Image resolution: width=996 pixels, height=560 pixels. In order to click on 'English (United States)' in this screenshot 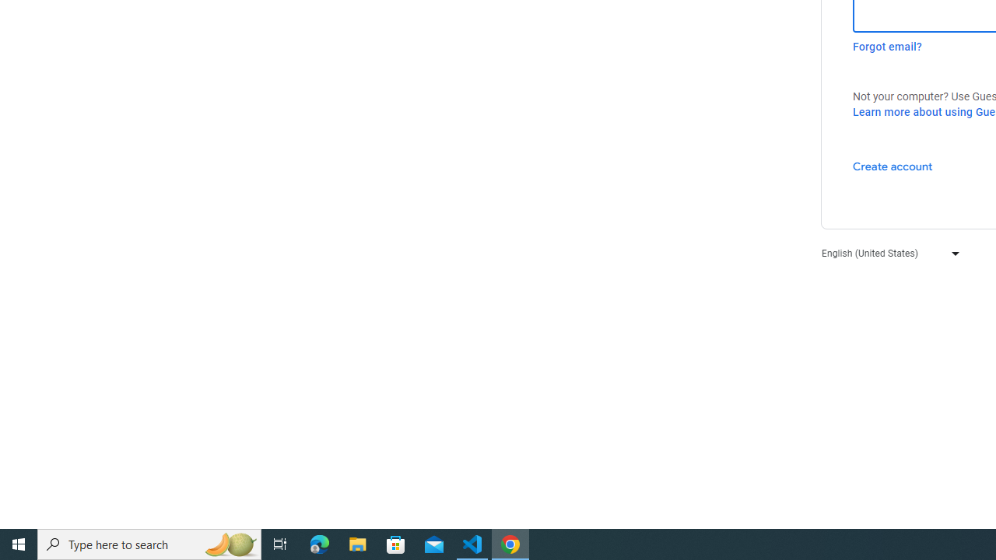, I will do `click(886, 252)`.